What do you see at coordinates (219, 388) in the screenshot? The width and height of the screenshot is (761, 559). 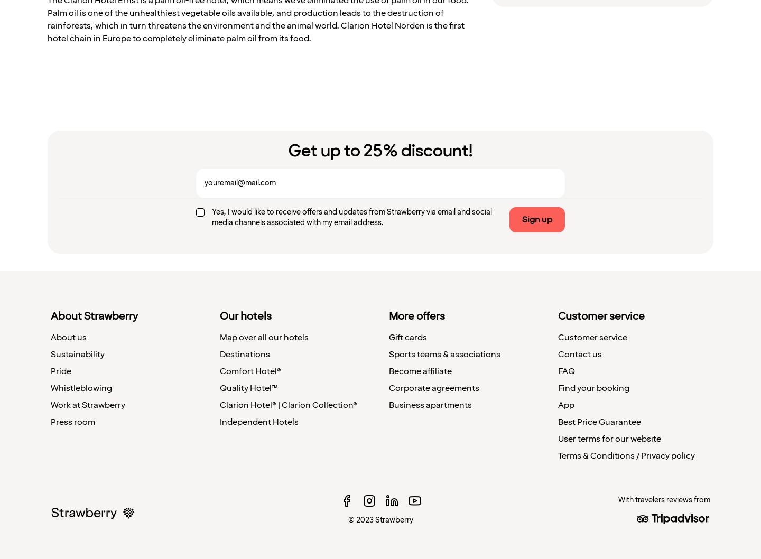 I see `'Quality Hotel™'` at bounding box center [219, 388].